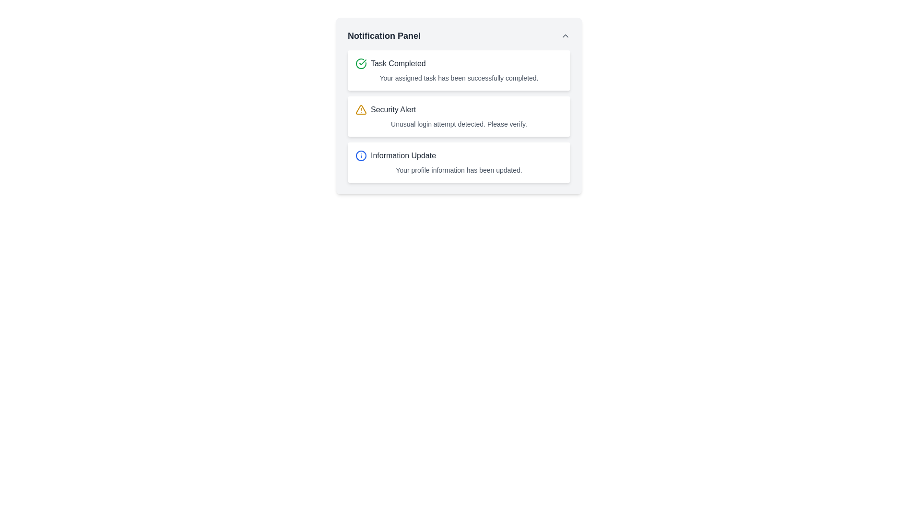  Describe the element at coordinates (361, 63) in the screenshot. I see `the green circular icon with a checkmark that visually anchors the 'Task Completed' notification card, located at the top-left corner of the notification` at that location.